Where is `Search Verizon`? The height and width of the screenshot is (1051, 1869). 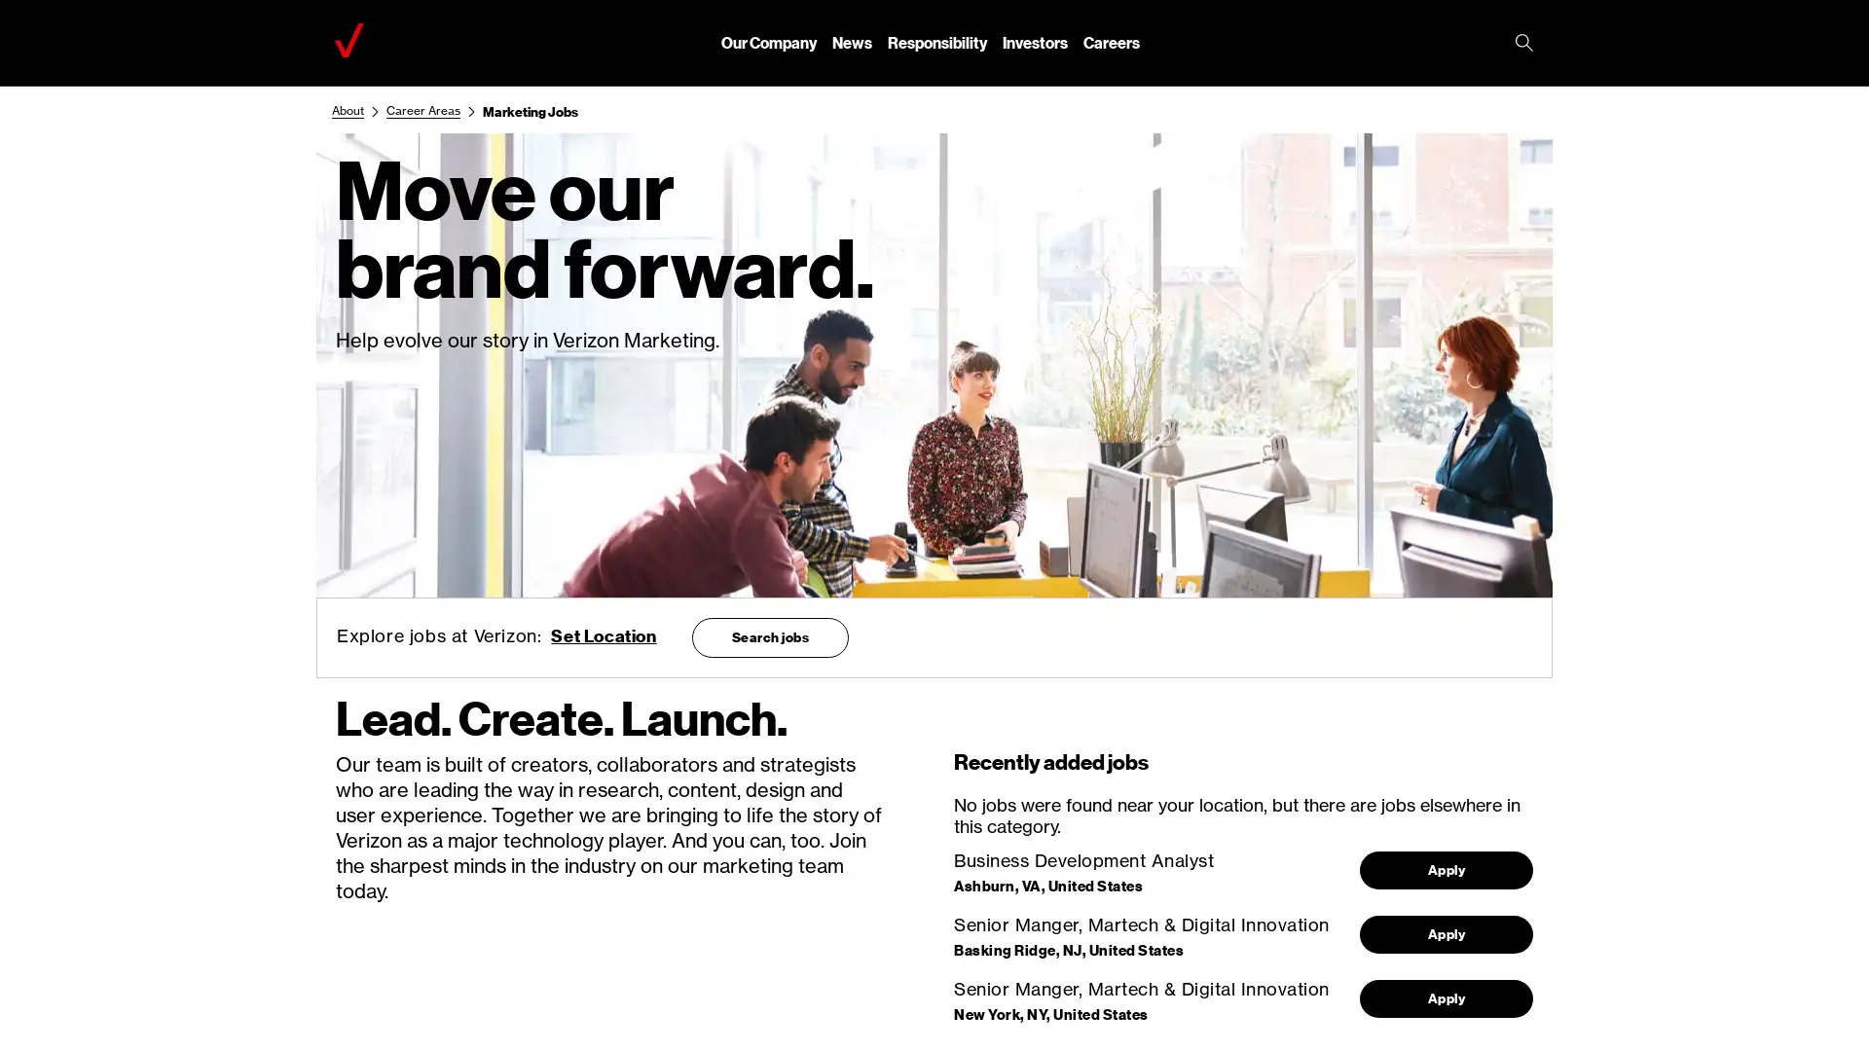 Search Verizon is located at coordinates (1522, 44).